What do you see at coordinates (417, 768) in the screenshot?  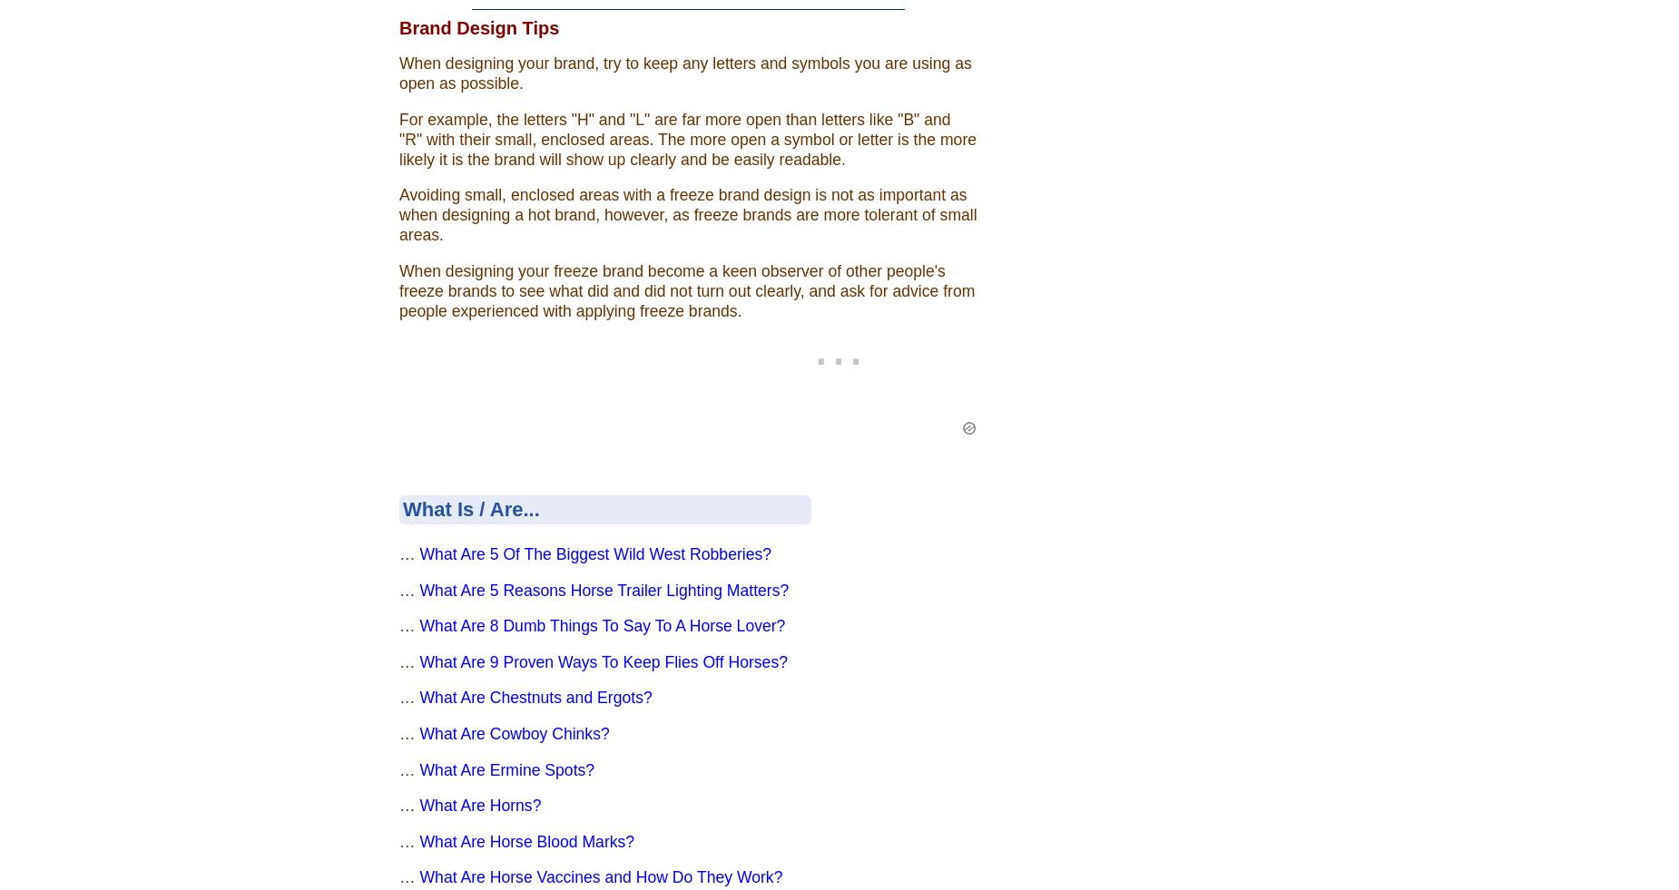 I see `'What Are Ermine Spots?'` at bounding box center [417, 768].